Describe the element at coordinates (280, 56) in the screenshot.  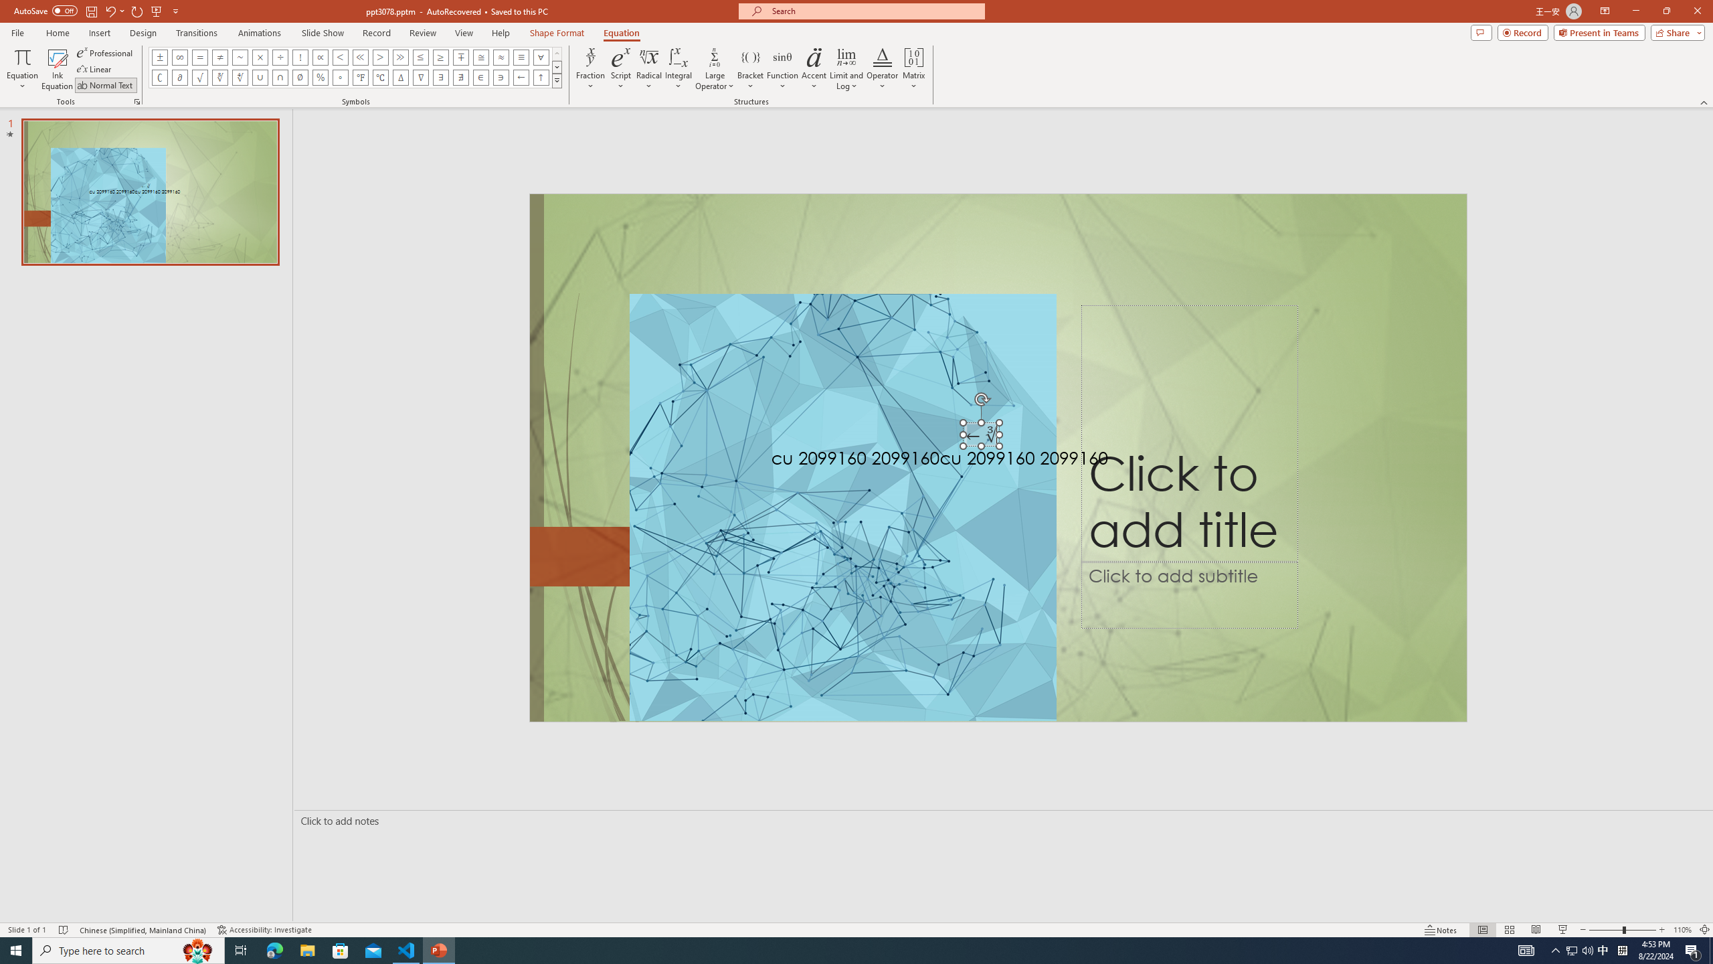
I see `'Equation Symbol Division Sign'` at that location.